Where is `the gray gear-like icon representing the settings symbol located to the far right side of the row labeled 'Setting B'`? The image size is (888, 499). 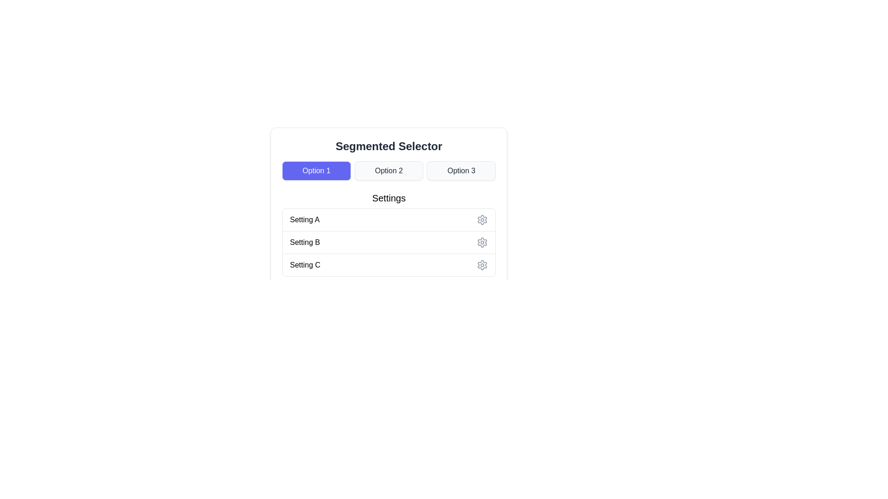 the gray gear-like icon representing the settings symbol located to the far right side of the row labeled 'Setting B' is located at coordinates (481, 242).